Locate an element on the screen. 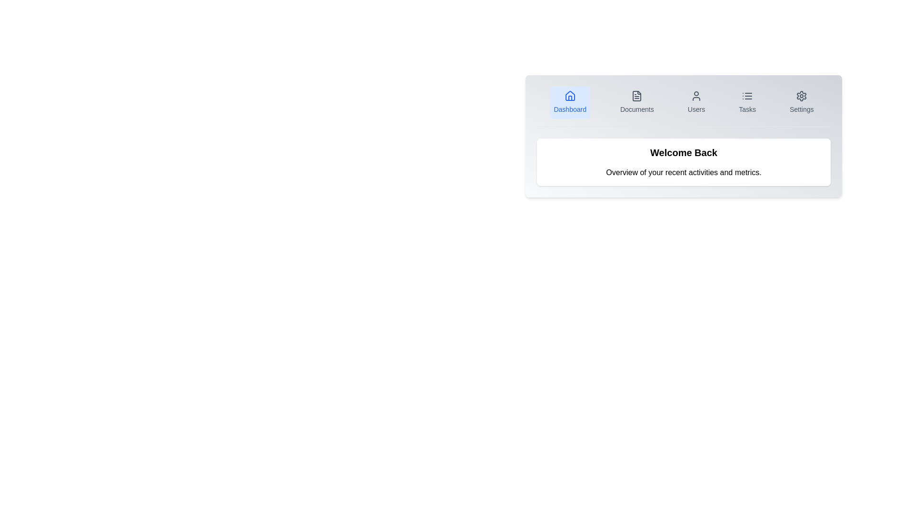 The width and height of the screenshot is (914, 514). the icon represented by three horizontal lines, which is located above the 'Tasks' label in the navigation bar is located at coordinates (746, 96).